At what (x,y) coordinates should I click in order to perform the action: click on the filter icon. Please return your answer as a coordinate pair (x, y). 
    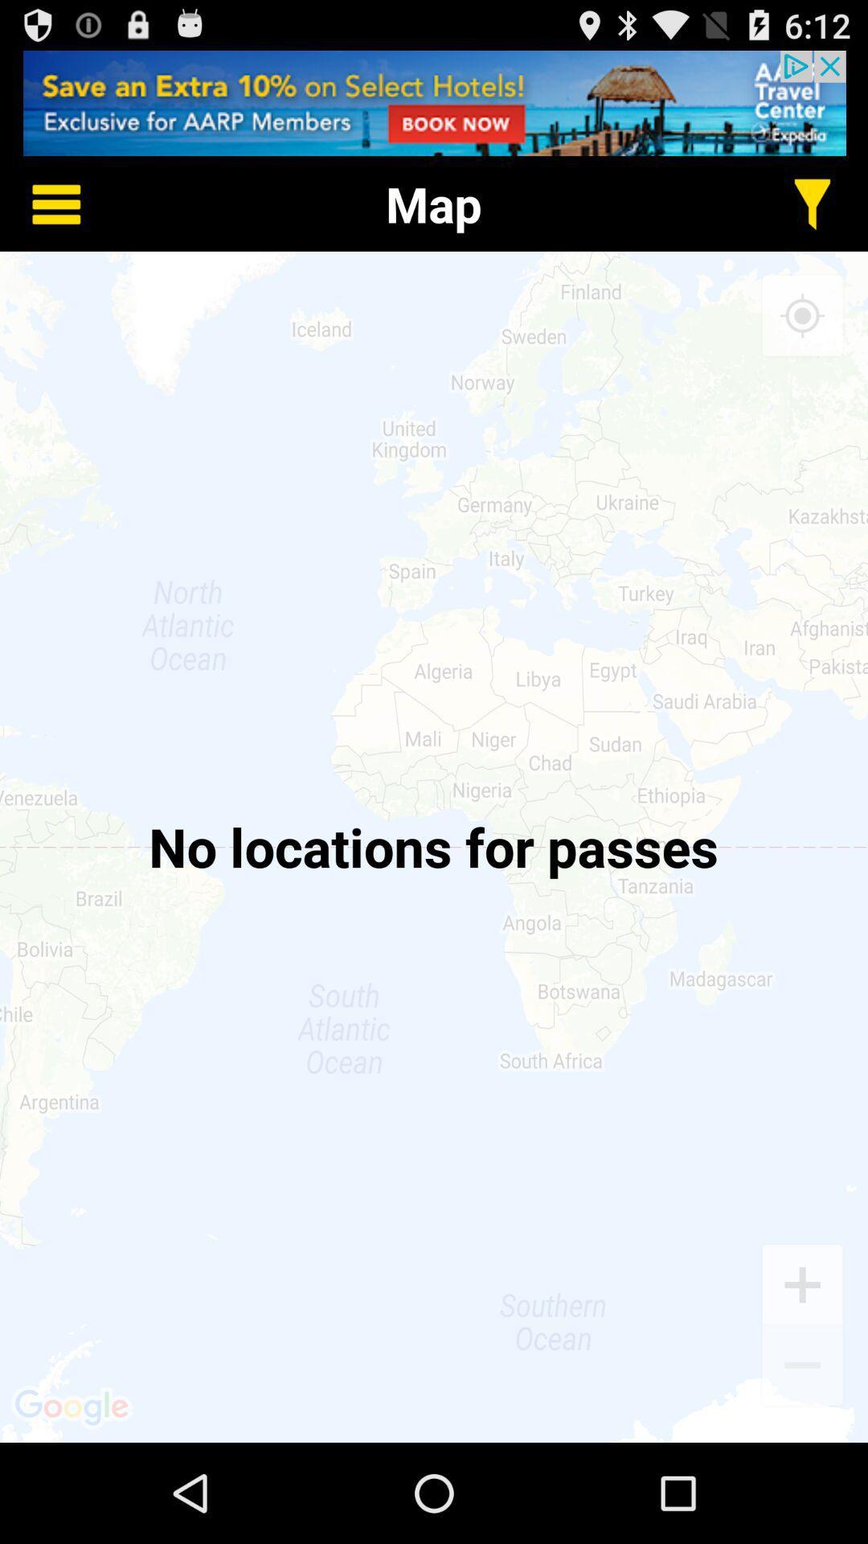
    Looking at the image, I should click on (822, 217).